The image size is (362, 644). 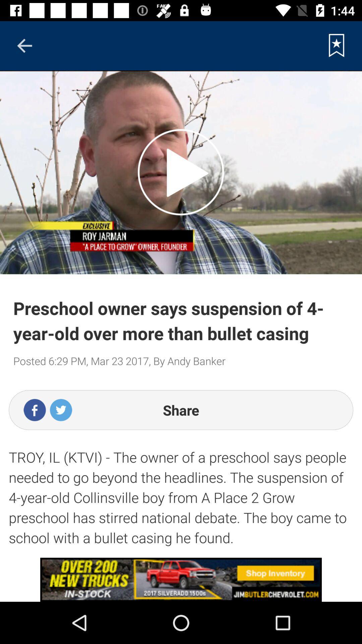 What do you see at coordinates (337, 45) in the screenshot?
I see `the bookmark icon` at bounding box center [337, 45].